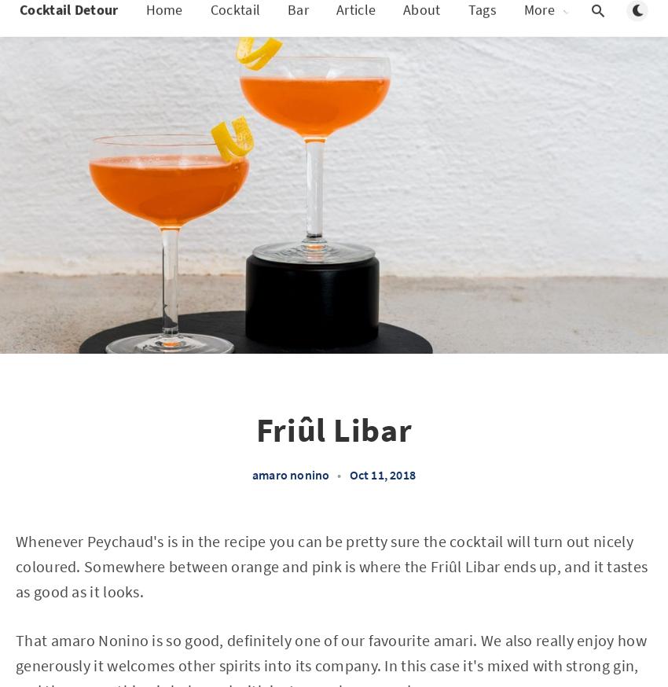 The image size is (668, 687). Describe the element at coordinates (144, 24) in the screenshot. I see `'Home'` at that location.